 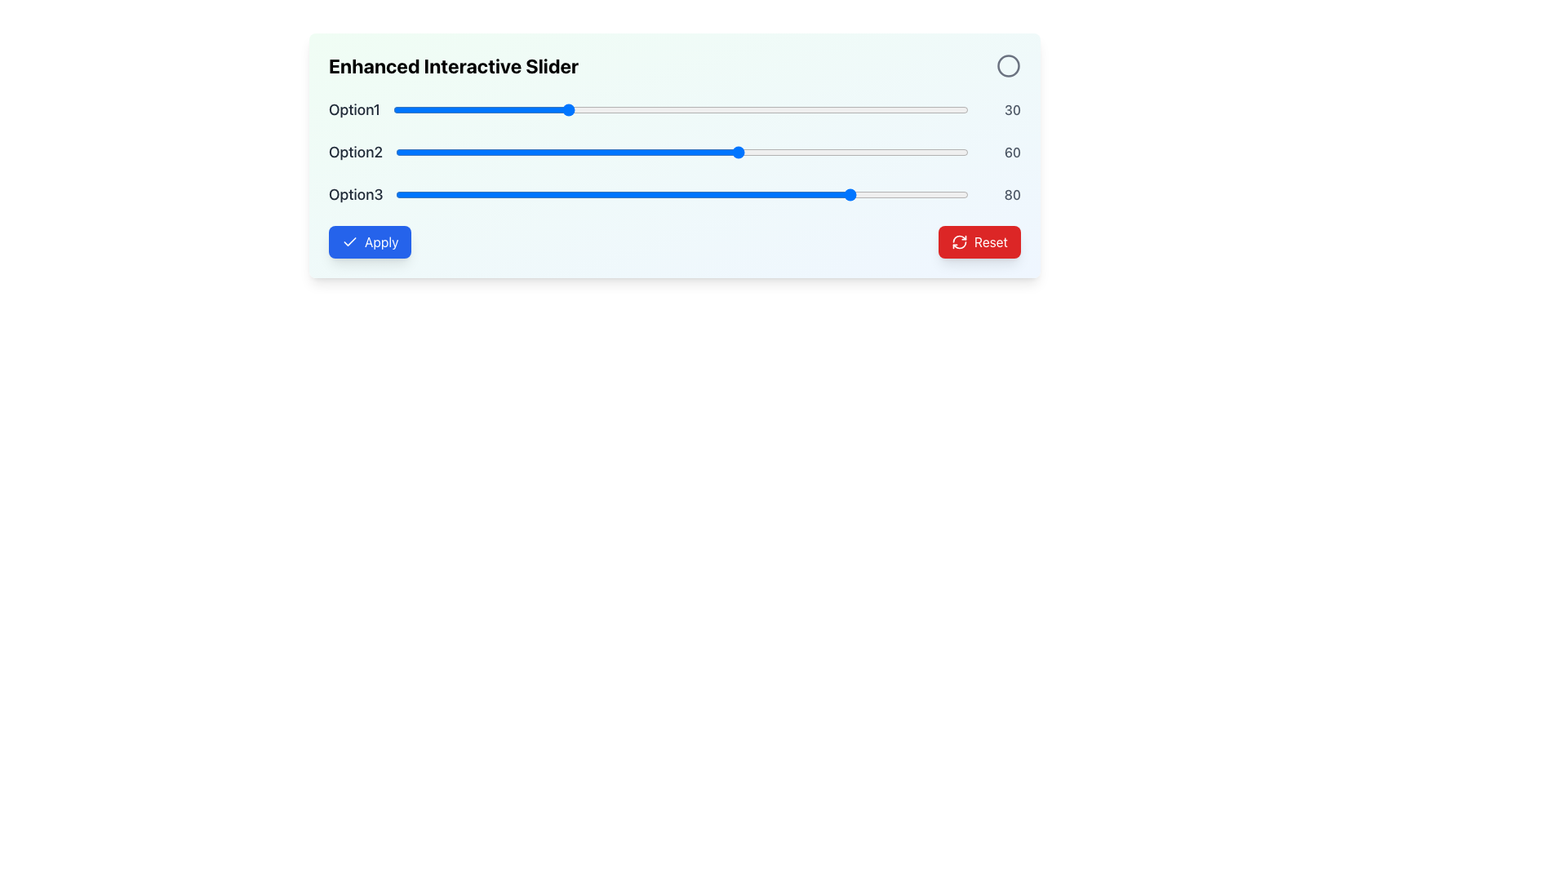 What do you see at coordinates (682, 194) in the screenshot?
I see `the horizontal slider labeled 'Option3'` at bounding box center [682, 194].